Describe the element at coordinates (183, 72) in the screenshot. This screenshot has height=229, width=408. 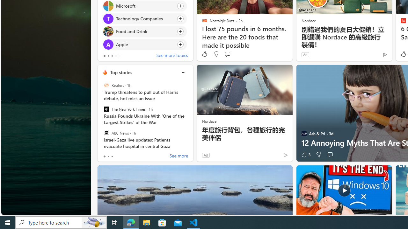
I see `'Class: icon-img'` at that location.